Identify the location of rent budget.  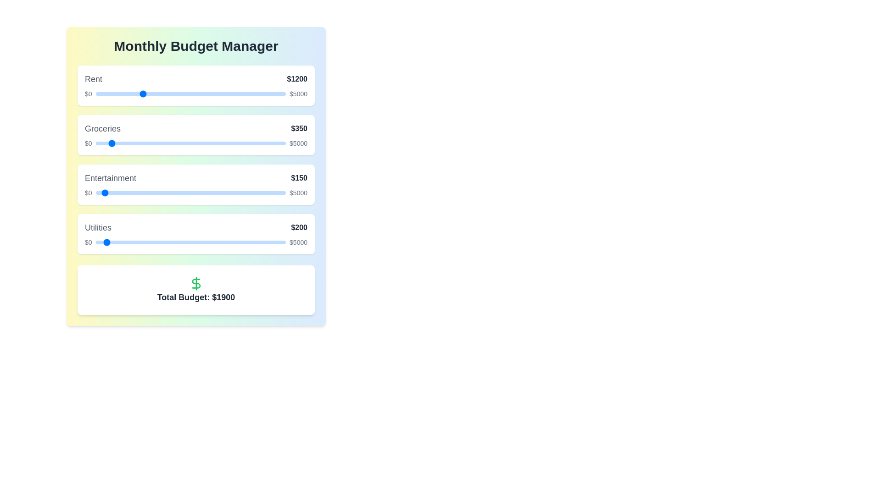
(101, 93).